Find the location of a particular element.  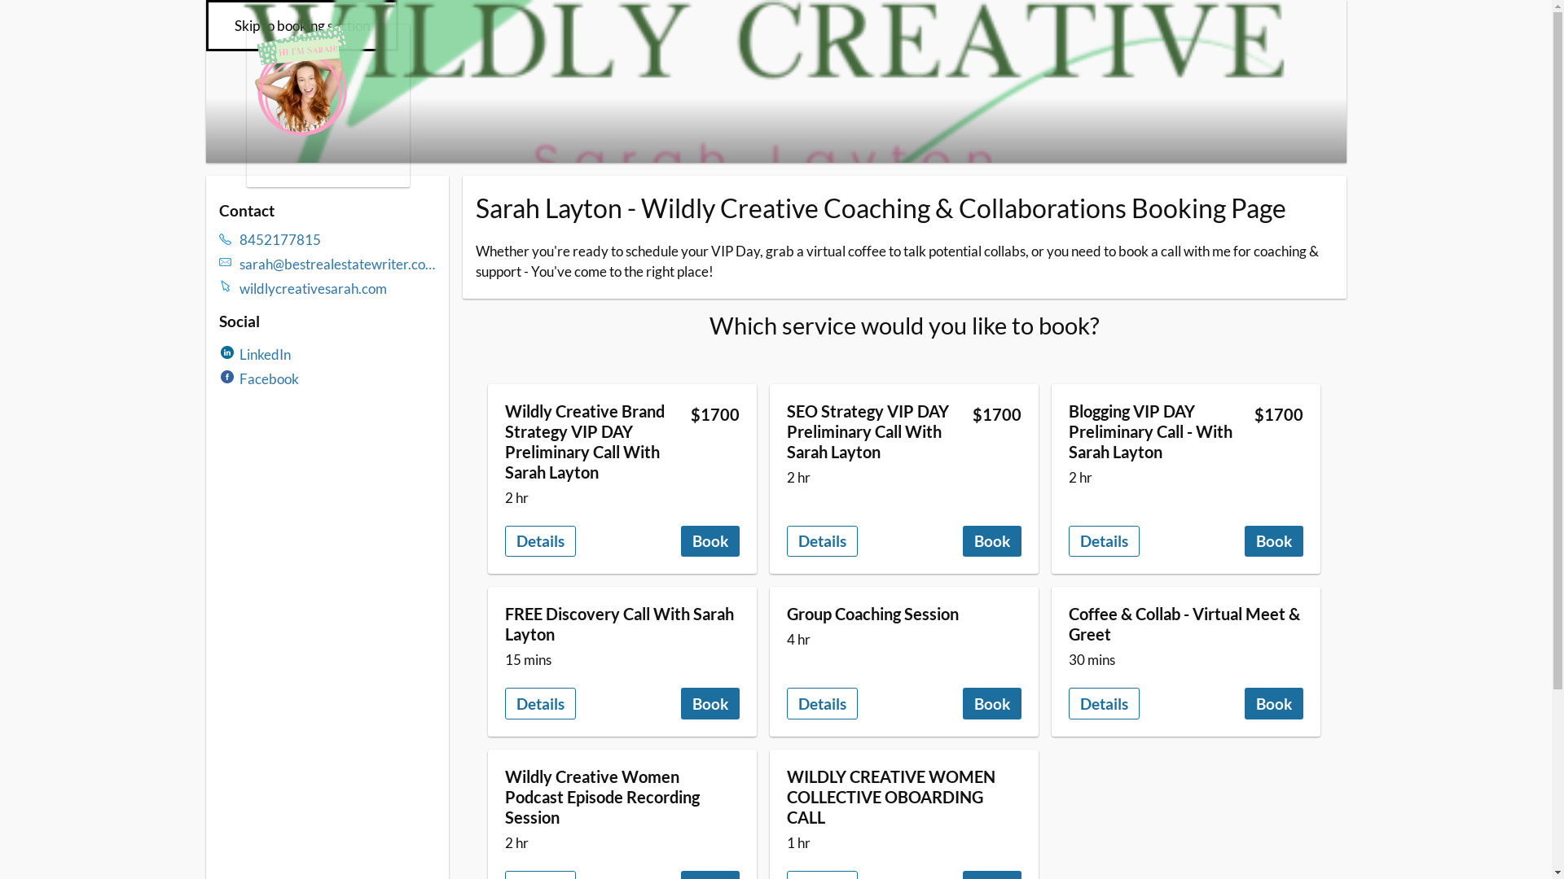

'Skip to booking section' is located at coordinates (204, 25).